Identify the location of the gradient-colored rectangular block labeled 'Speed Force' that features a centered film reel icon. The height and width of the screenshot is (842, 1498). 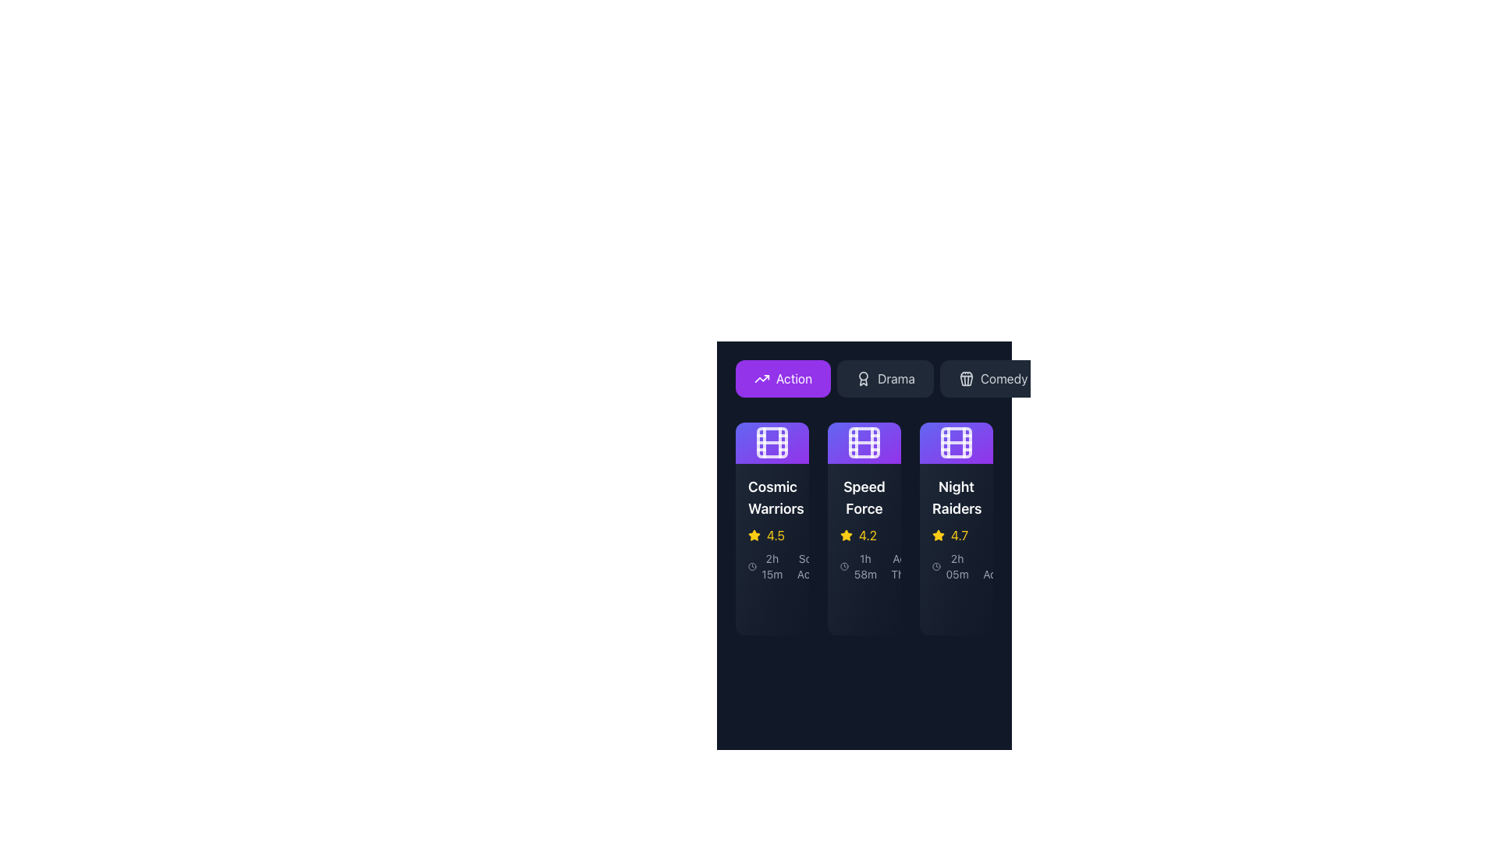
(864, 442).